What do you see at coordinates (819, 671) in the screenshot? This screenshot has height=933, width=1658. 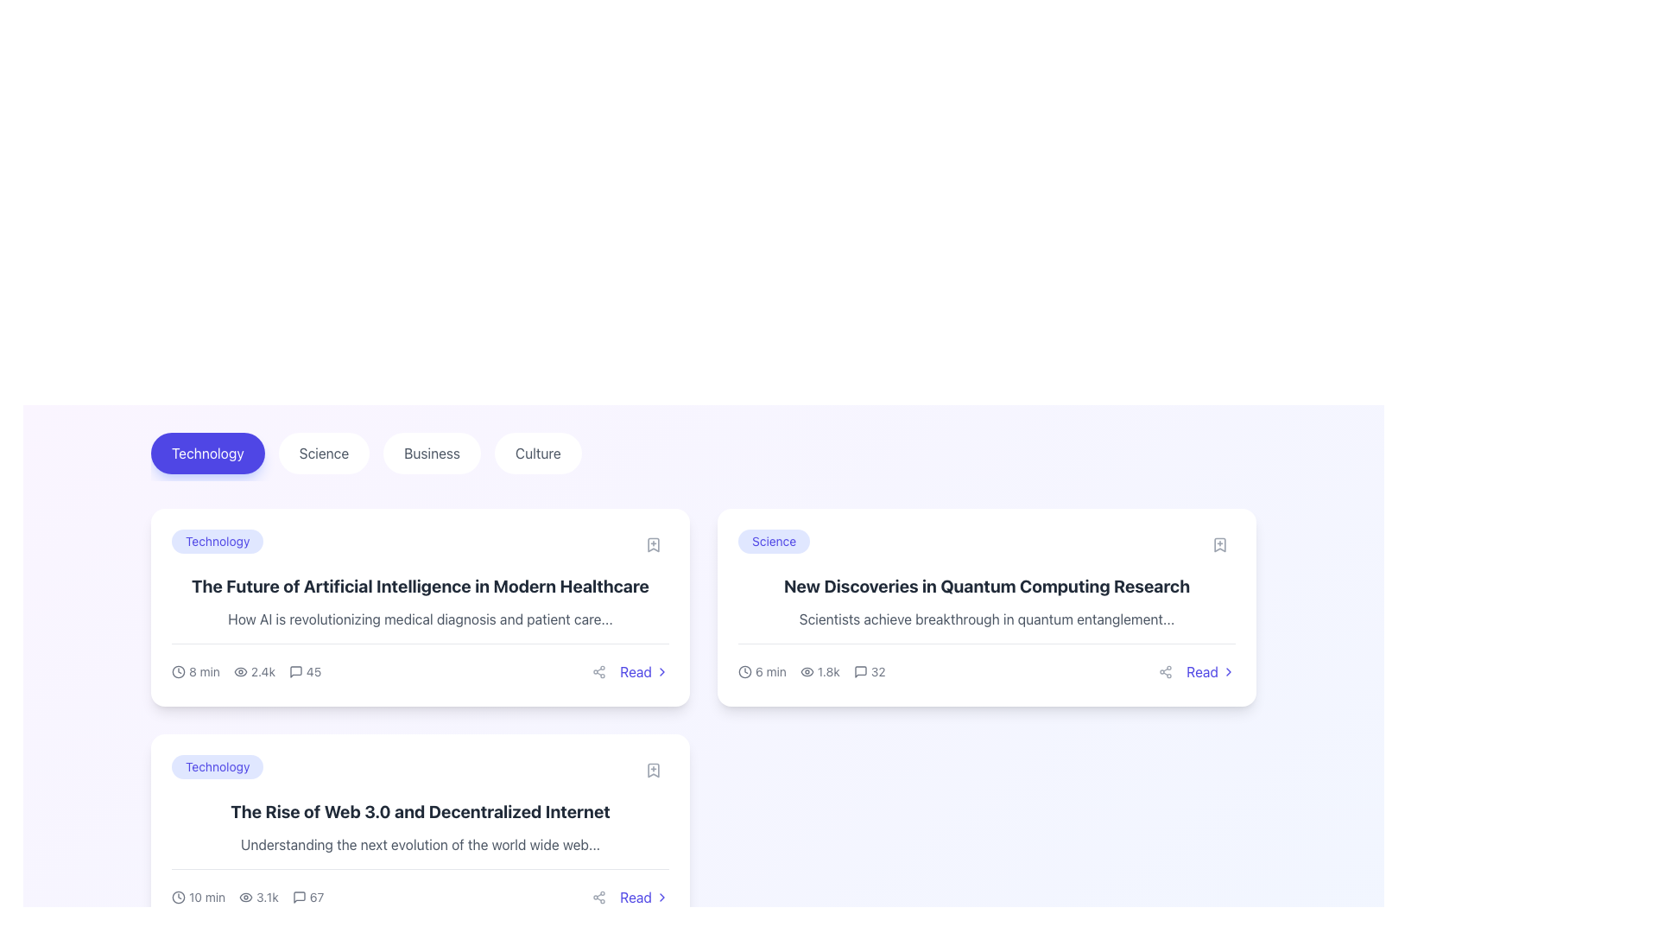 I see `the text display element showing the number of views or engagements in the second main card from the left, located below the card title and description` at bounding box center [819, 671].